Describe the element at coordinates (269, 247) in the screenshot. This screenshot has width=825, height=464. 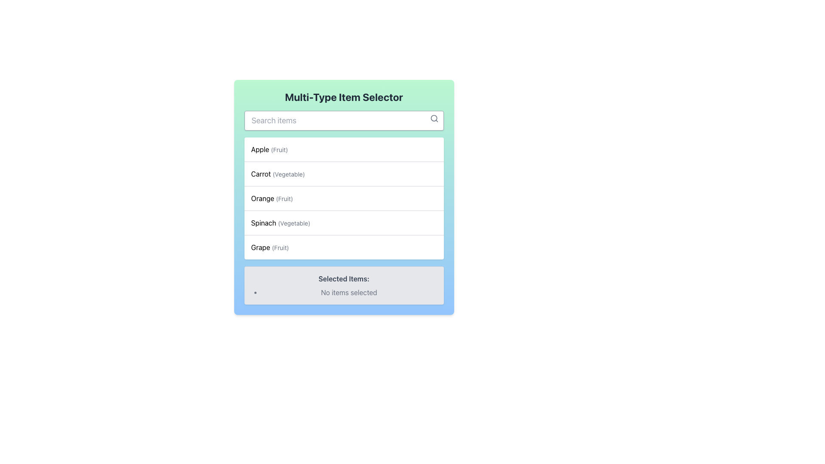
I see `the list item displaying 'Grape (Fruit)'` at that location.